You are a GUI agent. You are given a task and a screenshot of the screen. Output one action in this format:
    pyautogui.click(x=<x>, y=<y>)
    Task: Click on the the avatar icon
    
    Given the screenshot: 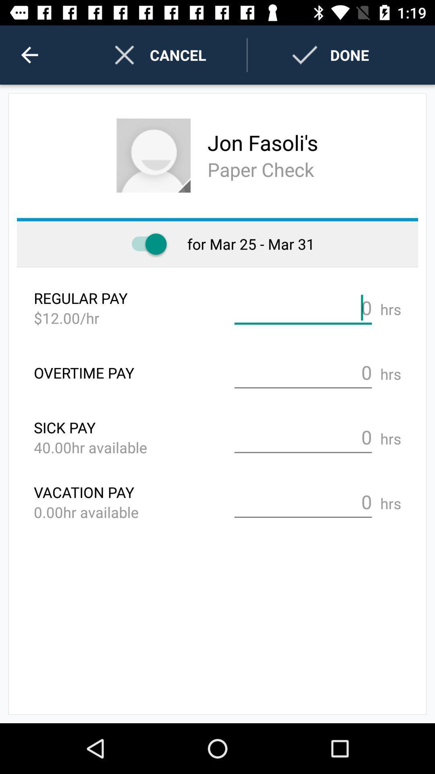 What is the action you would take?
    pyautogui.click(x=153, y=155)
    